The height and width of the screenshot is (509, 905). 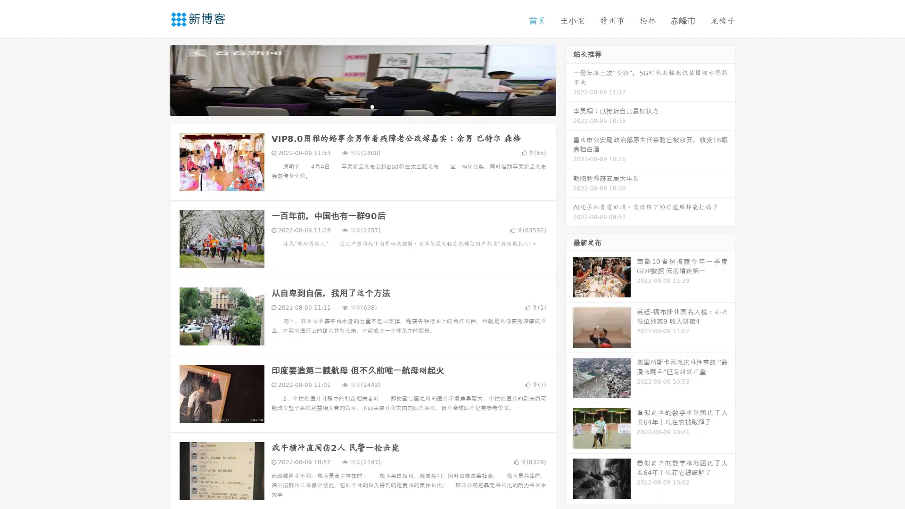 I want to click on Go to slide 2, so click(x=362, y=106).